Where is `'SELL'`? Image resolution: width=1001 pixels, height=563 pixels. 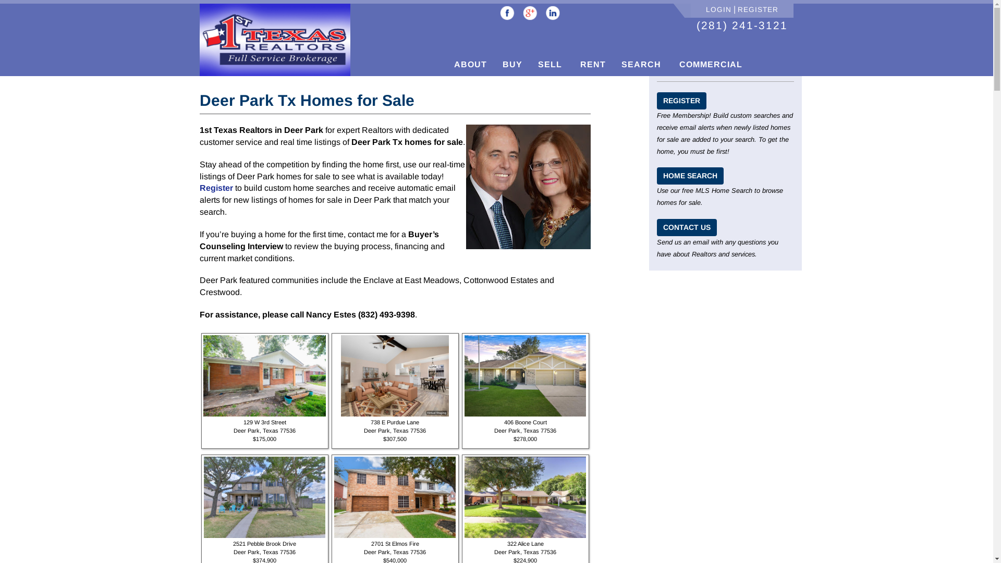 'SELL' is located at coordinates (530, 62).